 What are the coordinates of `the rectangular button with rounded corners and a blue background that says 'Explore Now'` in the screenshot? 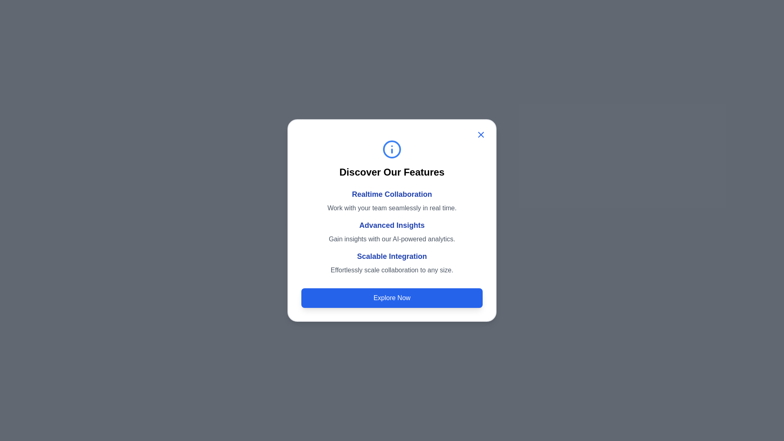 It's located at (392, 298).